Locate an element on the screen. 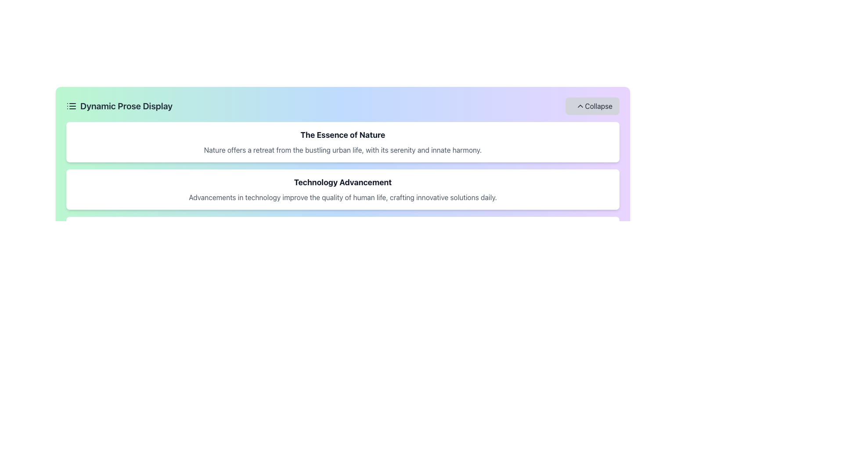 Image resolution: width=843 pixels, height=474 pixels. the header bar with the text label 'Dynamic Prose Display' is located at coordinates (342, 106).